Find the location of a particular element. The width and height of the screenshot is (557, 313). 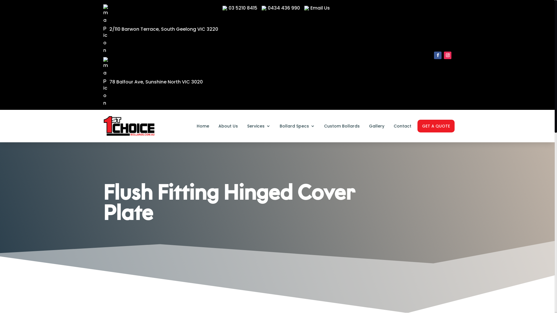

'Home' is located at coordinates (203, 126).